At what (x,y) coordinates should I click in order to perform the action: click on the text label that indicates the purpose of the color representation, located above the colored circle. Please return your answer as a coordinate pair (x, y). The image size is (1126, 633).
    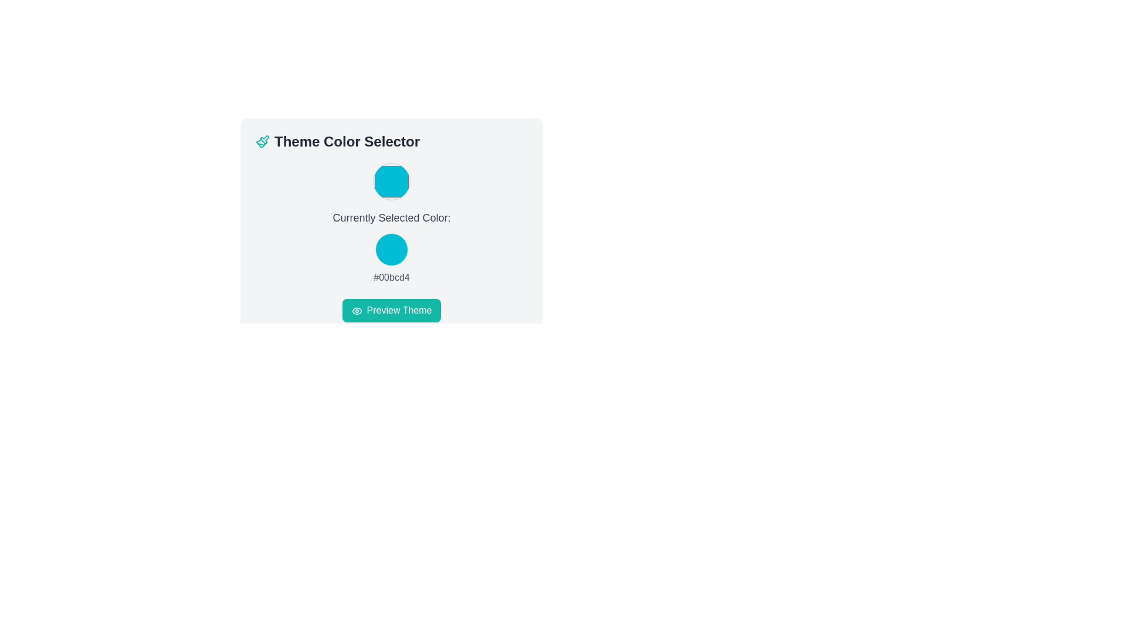
    Looking at the image, I should click on (391, 217).